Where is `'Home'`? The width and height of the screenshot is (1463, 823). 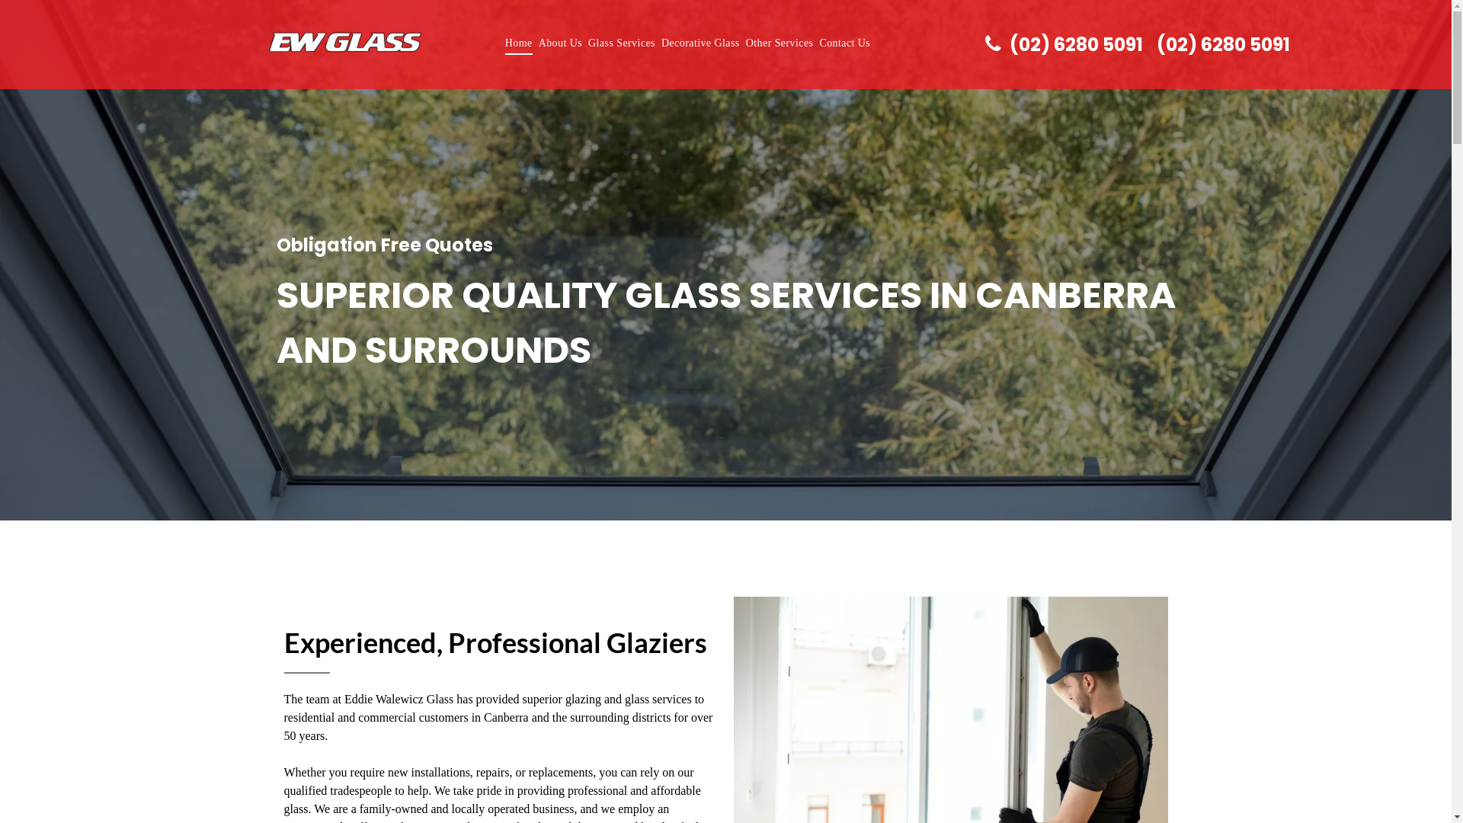
'Home' is located at coordinates (519, 42).